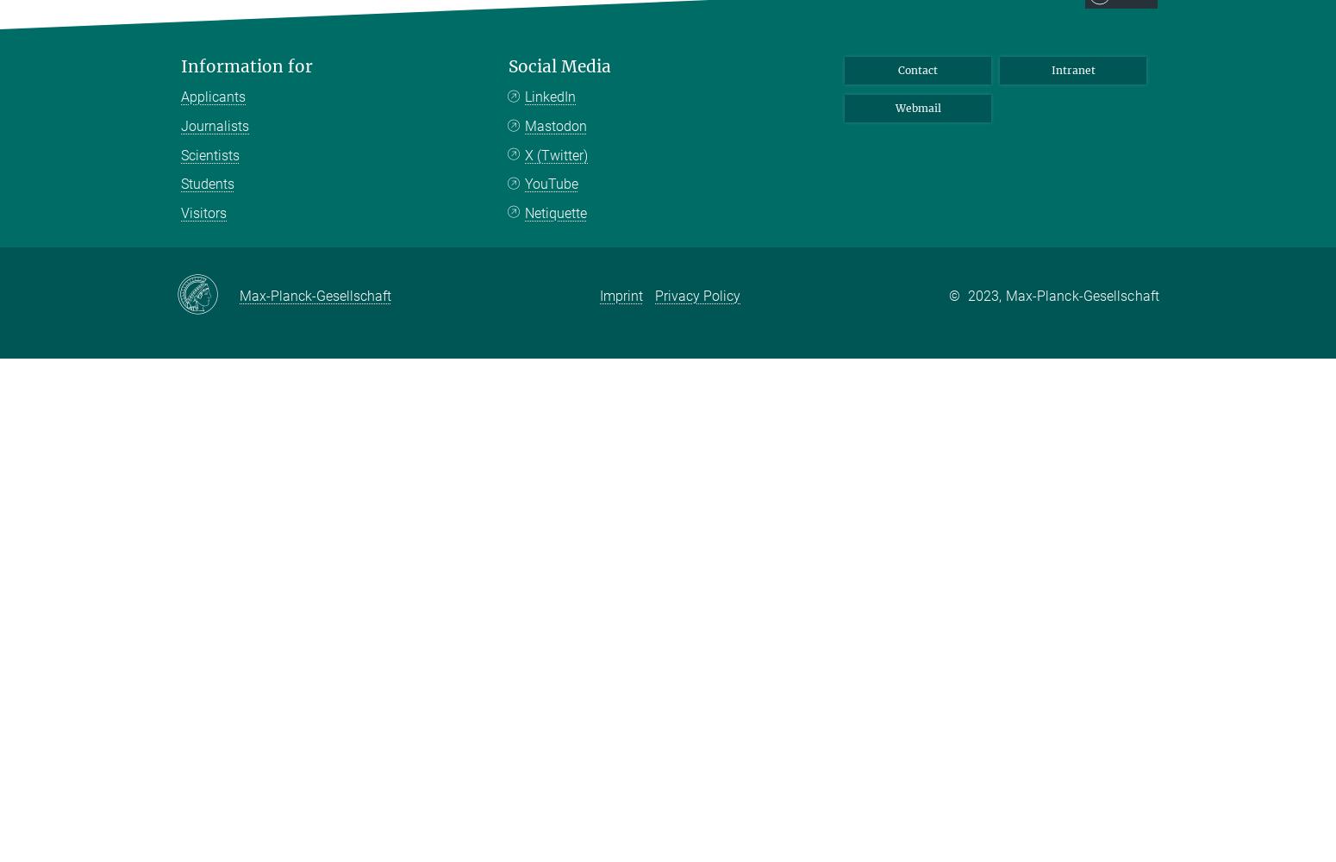 This screenshot has width=1336, height=862. I want to click on 'LinkedIn', so click(549, 96).